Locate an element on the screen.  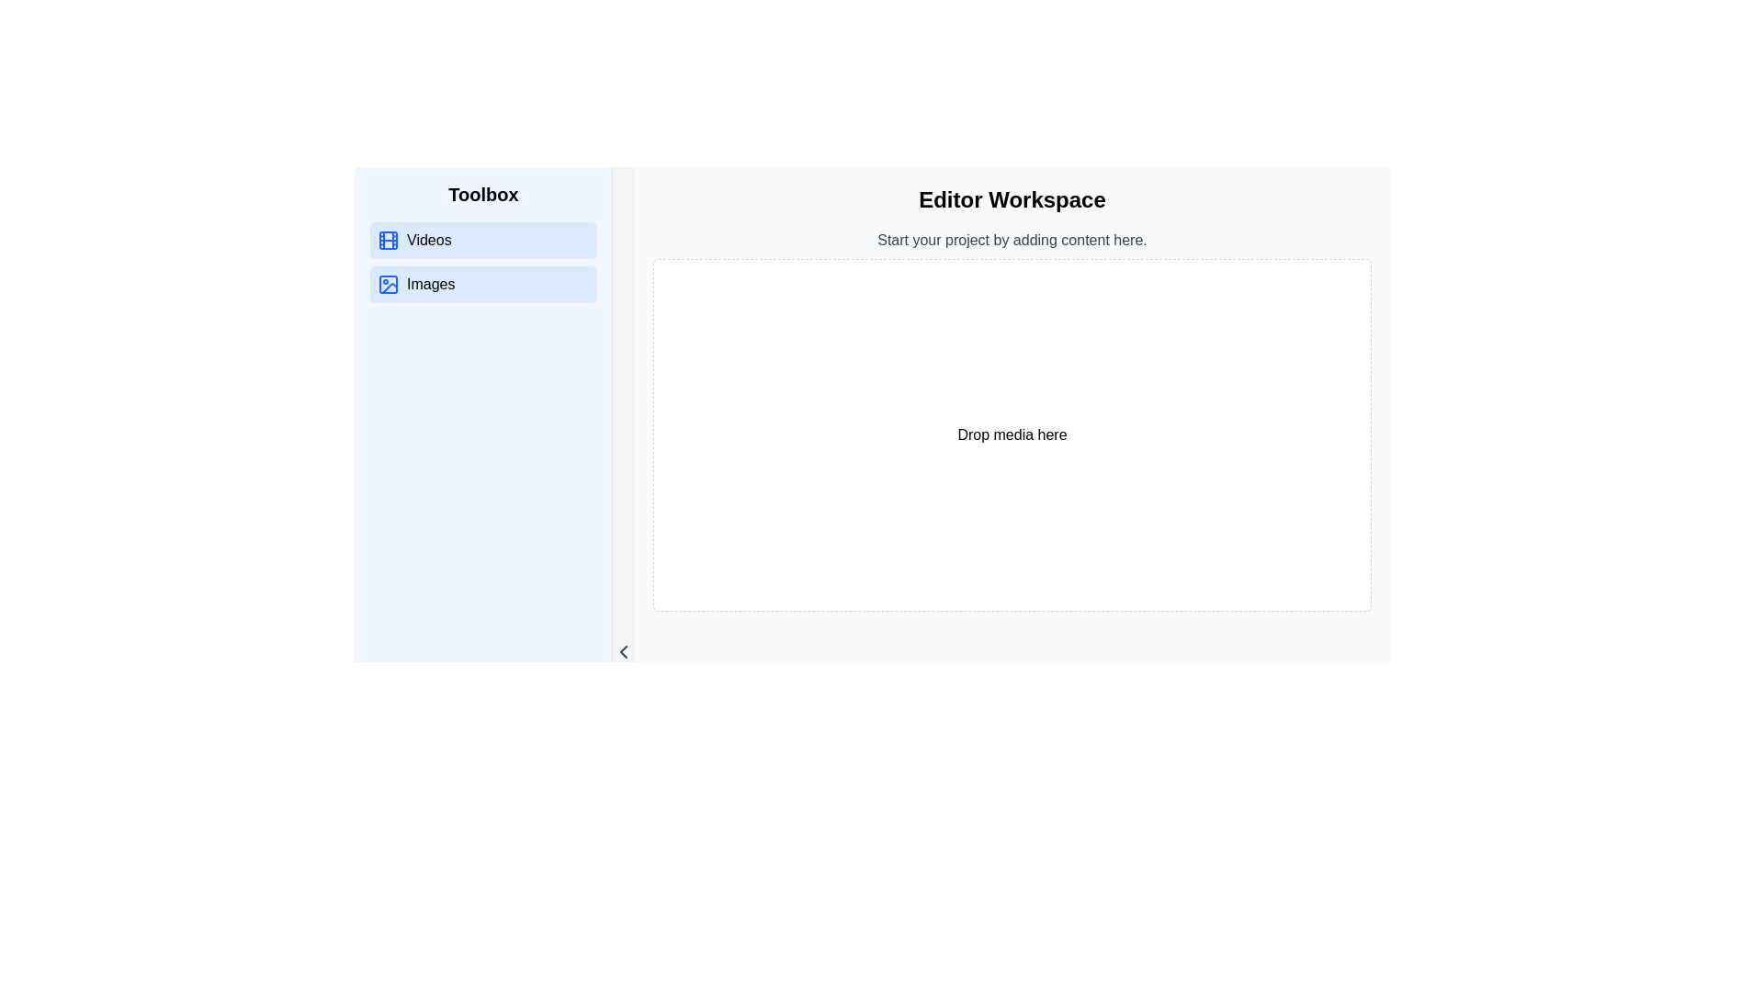
the filmstrip icon representing the 'Videos' functionality located in the 'Toolbox' section, to the left of the 'Videos' text label, if it is linked is located at coordinates (387, 240).